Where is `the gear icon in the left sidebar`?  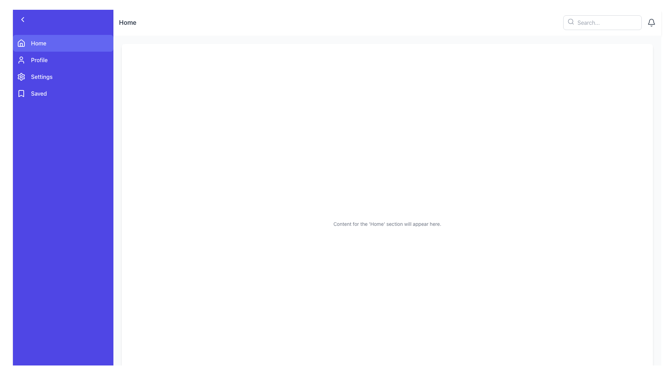
the gear icon in the left sidebar is located at coordinates (21, 76).